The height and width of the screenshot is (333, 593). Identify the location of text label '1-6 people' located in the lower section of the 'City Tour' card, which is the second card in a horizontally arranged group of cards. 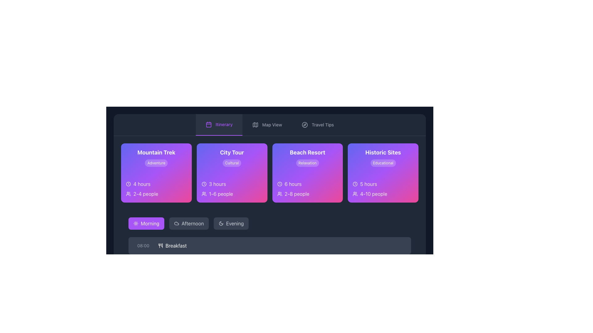
(232, 193).